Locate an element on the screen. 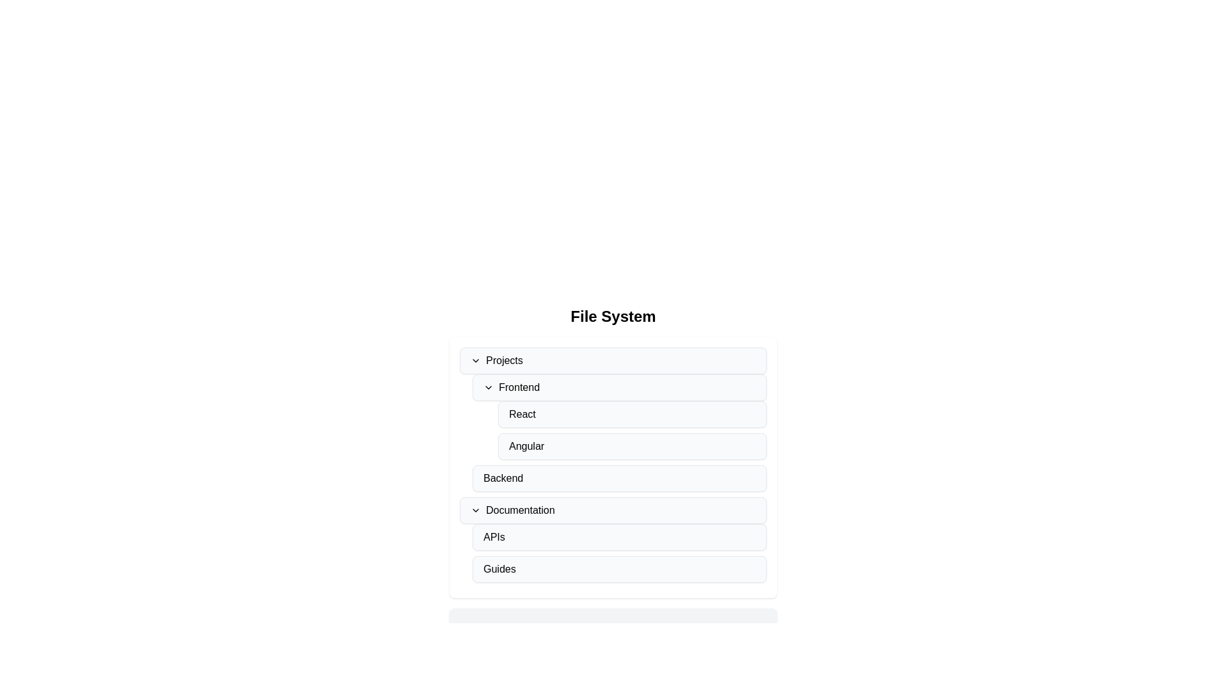 The image size is (1228, 691). the 'Documentation' text label is located at coordinates (512, 510).